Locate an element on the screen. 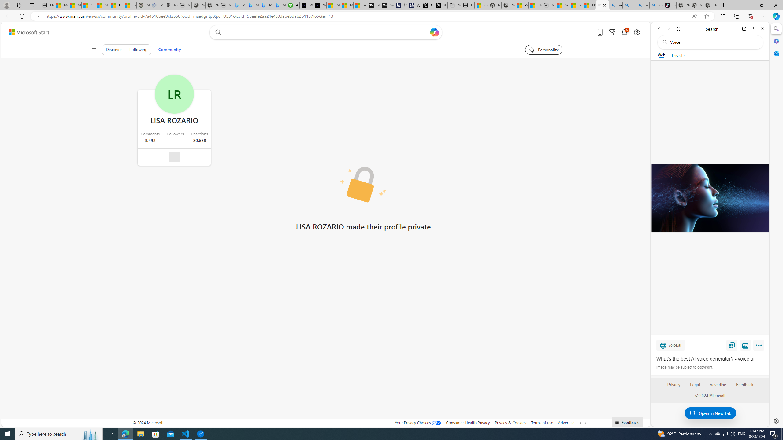 The height and width of the screenshot is (440, 783). 'Personalize your feed"' is located at coordinates (543, 49).